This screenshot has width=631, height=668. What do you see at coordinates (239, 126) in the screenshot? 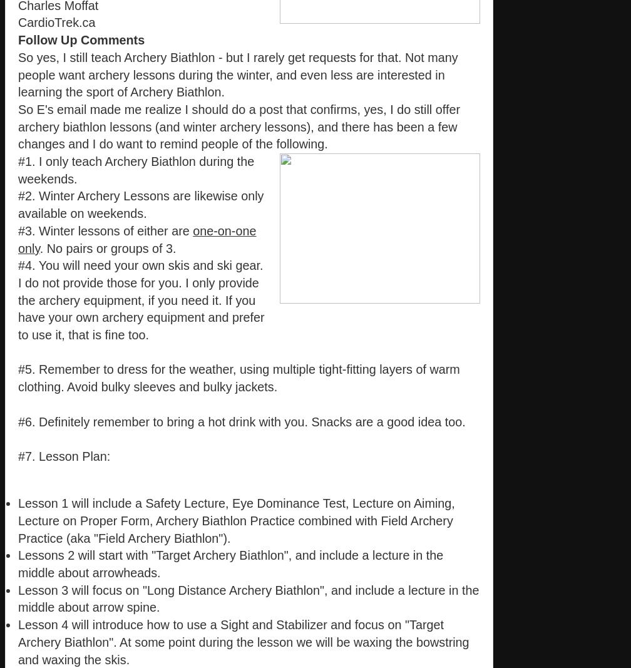
I see `'So E's email made me realize I should do a post that confirms, yes, I do still offer archery biathlon lessons (and winter archery lessons), and there has been a few changes and I do want to remind people of the following.'` at bounding box center [239, 126].